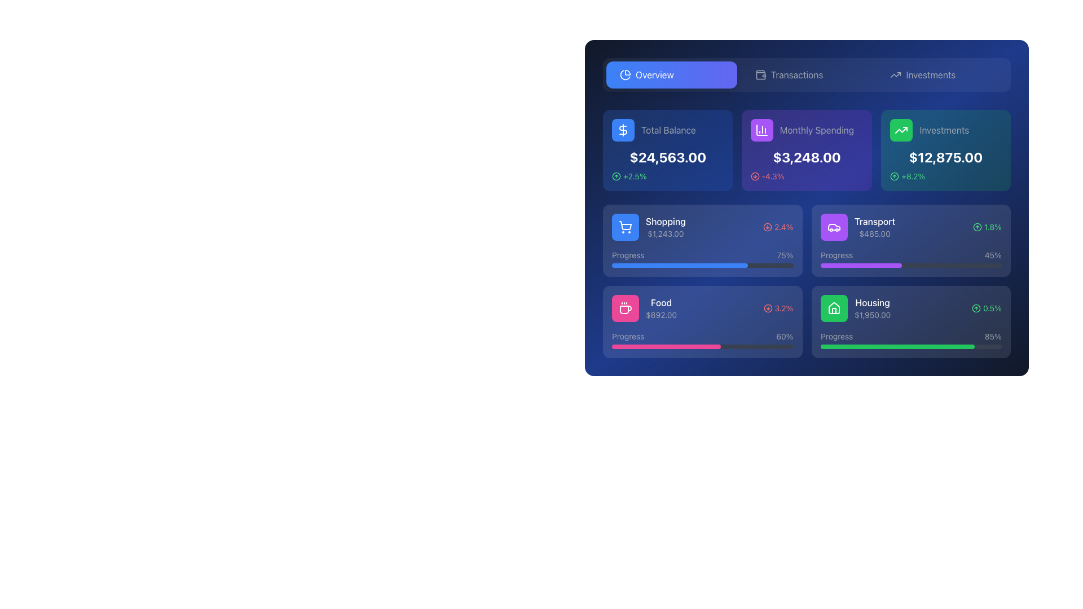 The width and height of the screenshot is (1083, 609). What do you see at coordinates (871, 302) in the screenshot?
I see `the 'Housing' category text label` at bounding box center [871, 302].